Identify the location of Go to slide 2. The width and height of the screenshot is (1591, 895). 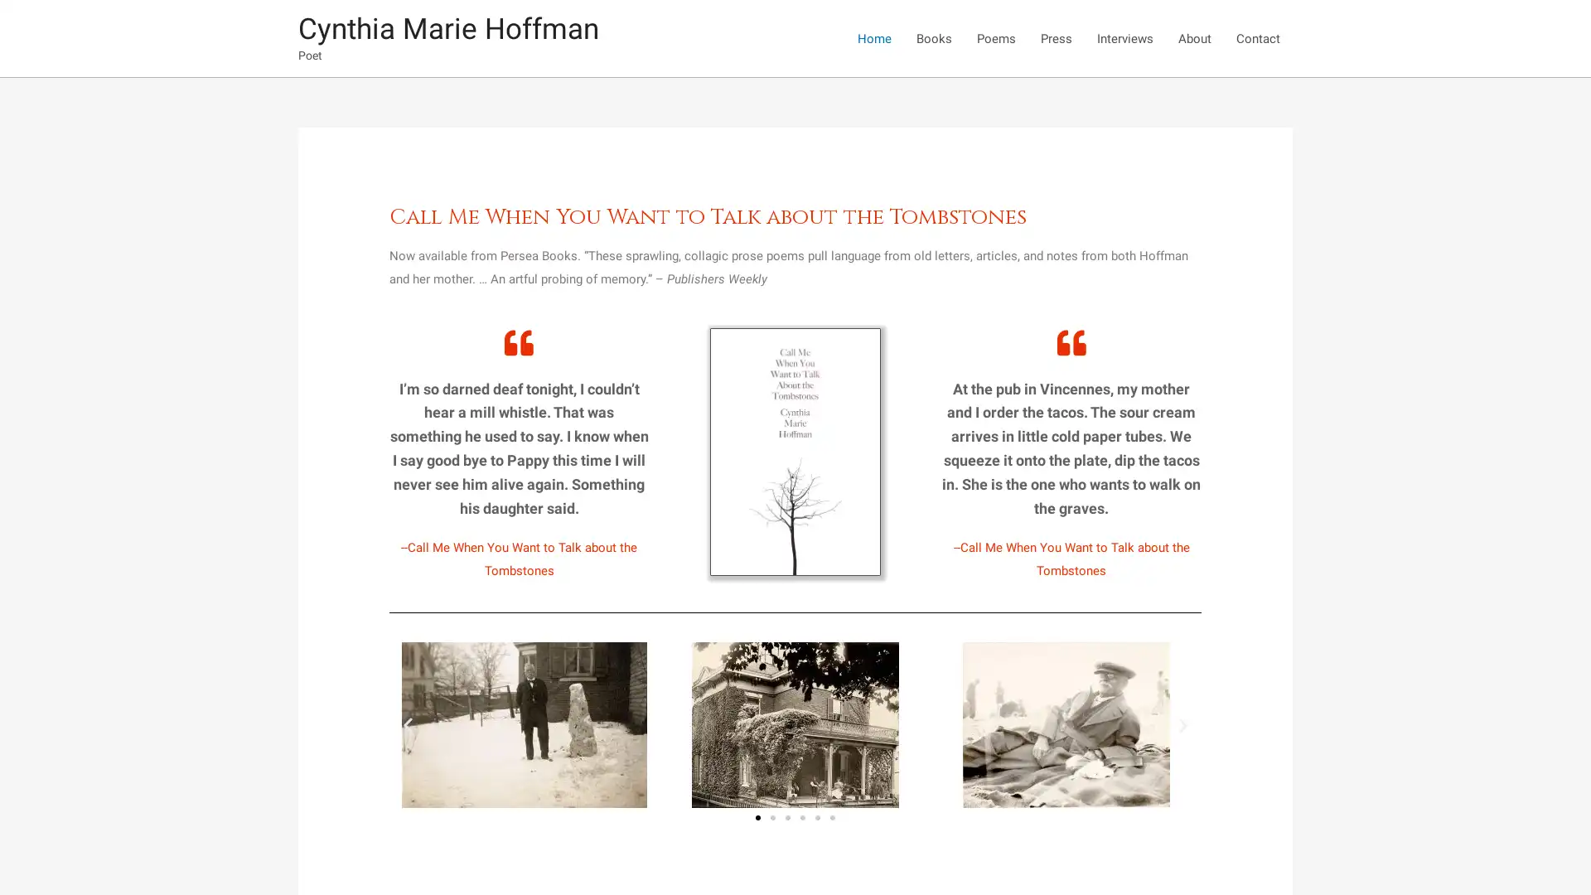
(771, 817).